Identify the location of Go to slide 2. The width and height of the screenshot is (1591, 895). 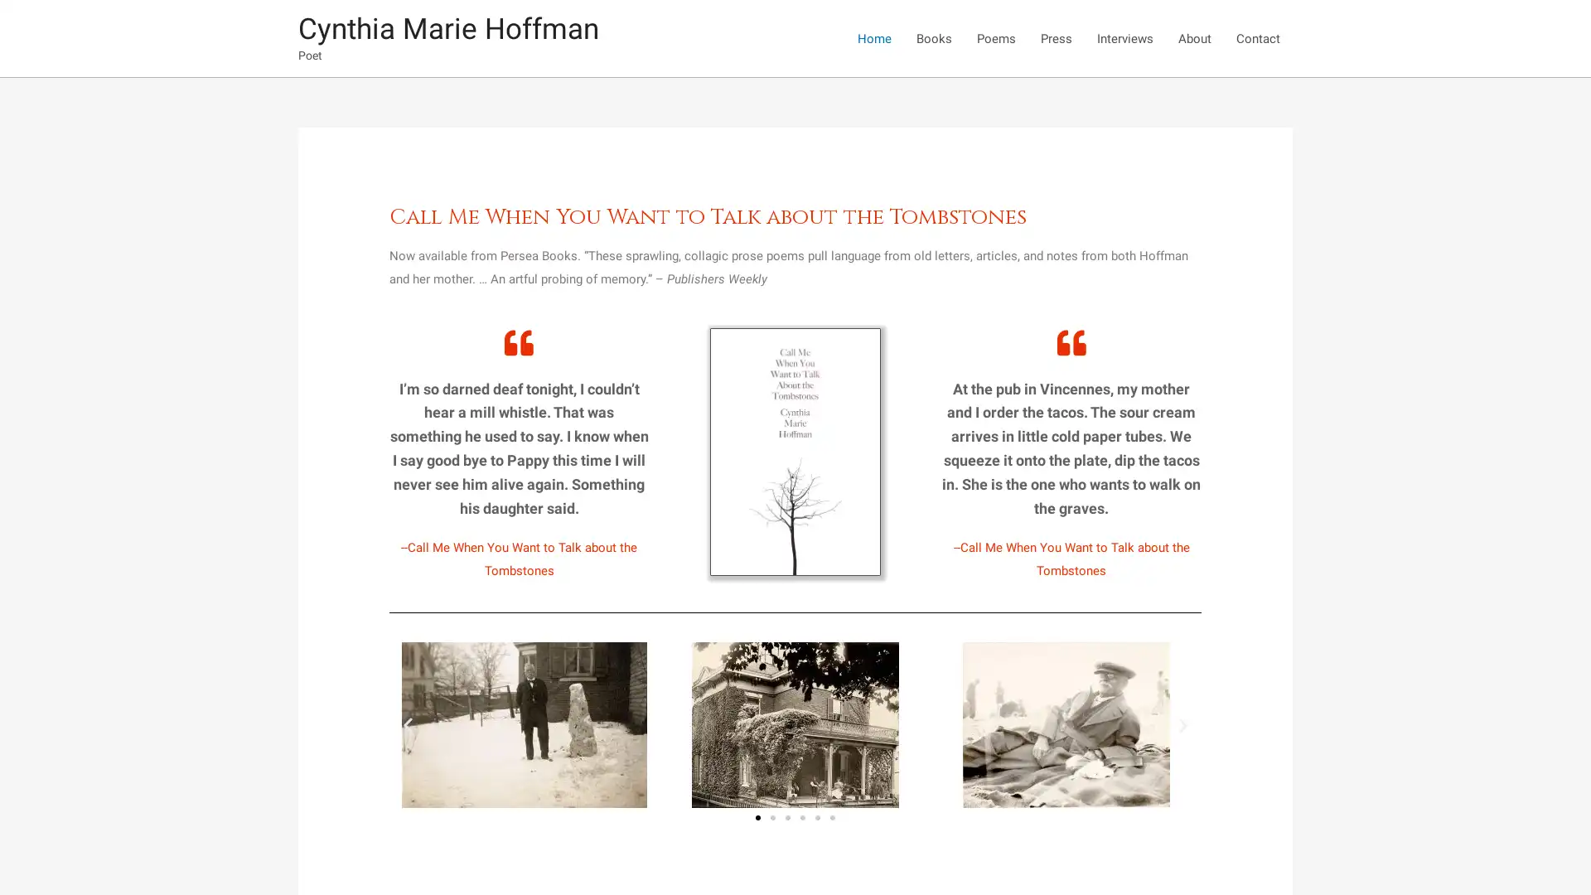
(771, 817).